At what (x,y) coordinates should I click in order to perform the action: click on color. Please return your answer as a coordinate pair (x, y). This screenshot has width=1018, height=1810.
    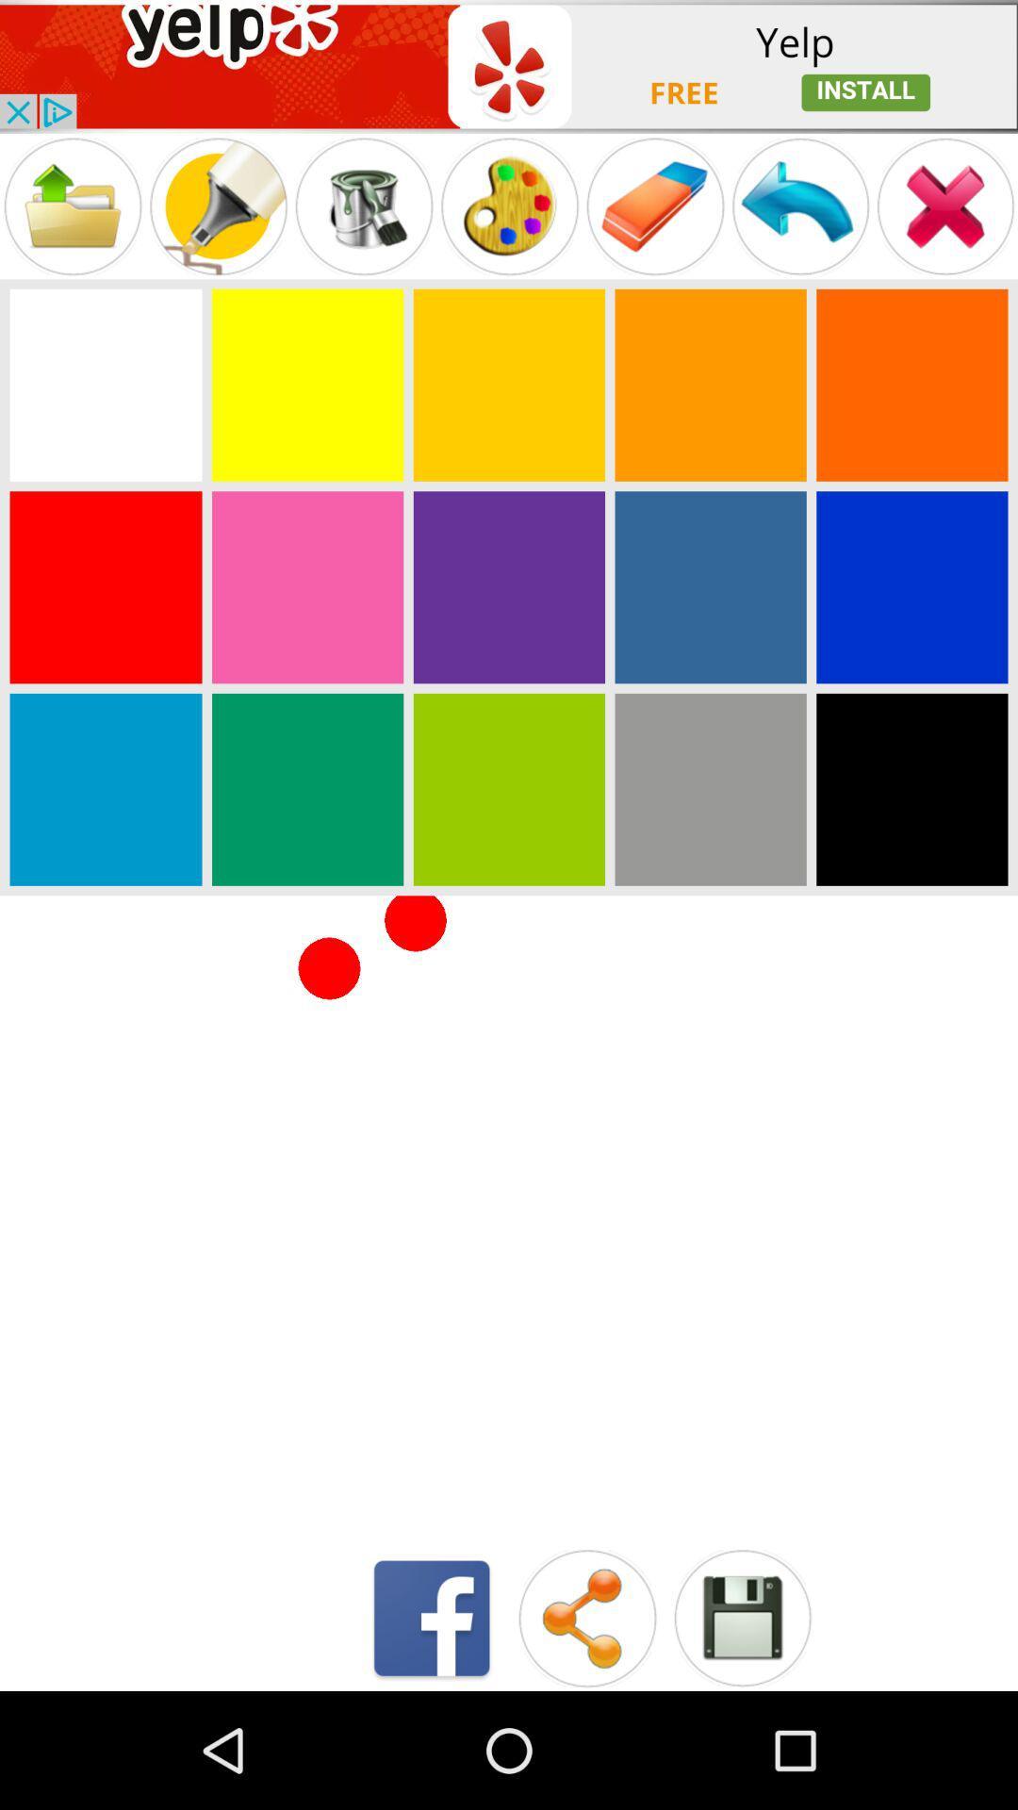
    Looking at the image, I should click on (509, 384).